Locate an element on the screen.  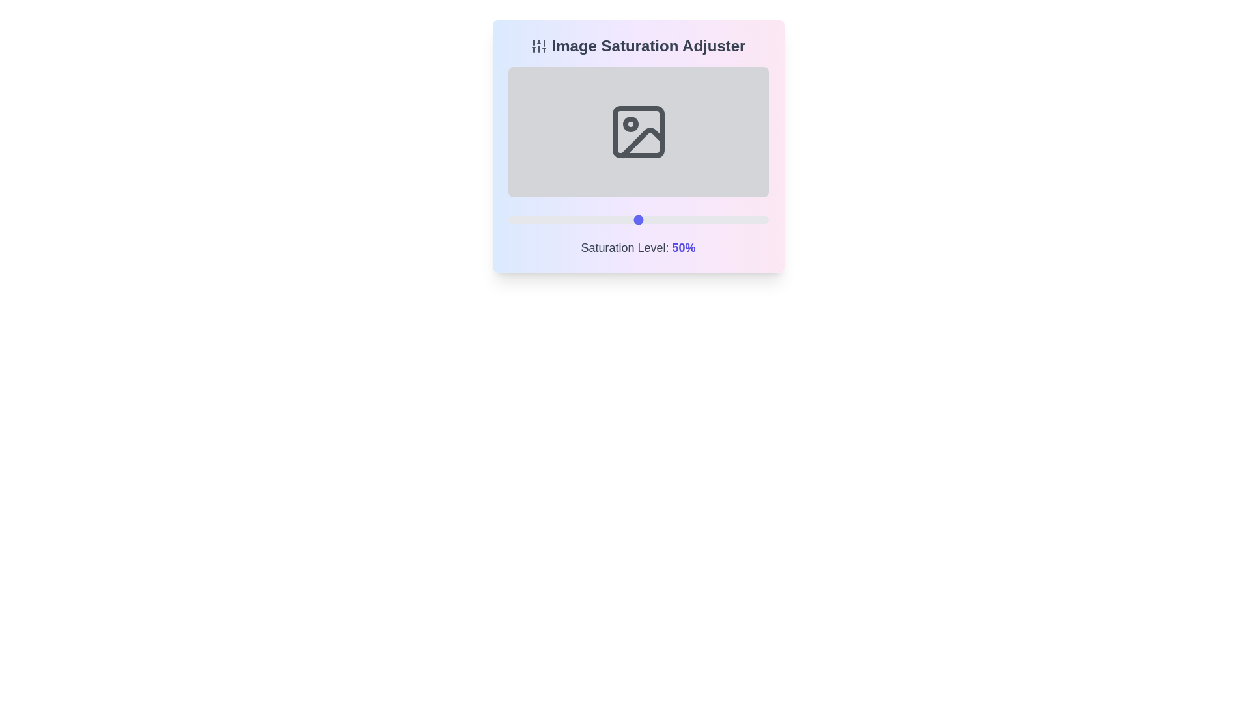
the saturation level to 23% by interacting with the slider is located at coordinates (568, 219).